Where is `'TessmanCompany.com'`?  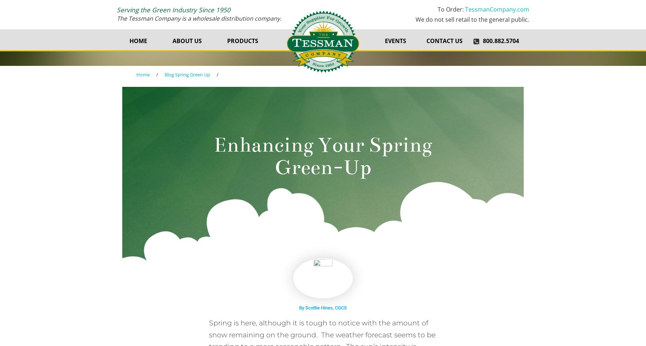 'TessmanCompany.com' is located at coordinates (497, 9).